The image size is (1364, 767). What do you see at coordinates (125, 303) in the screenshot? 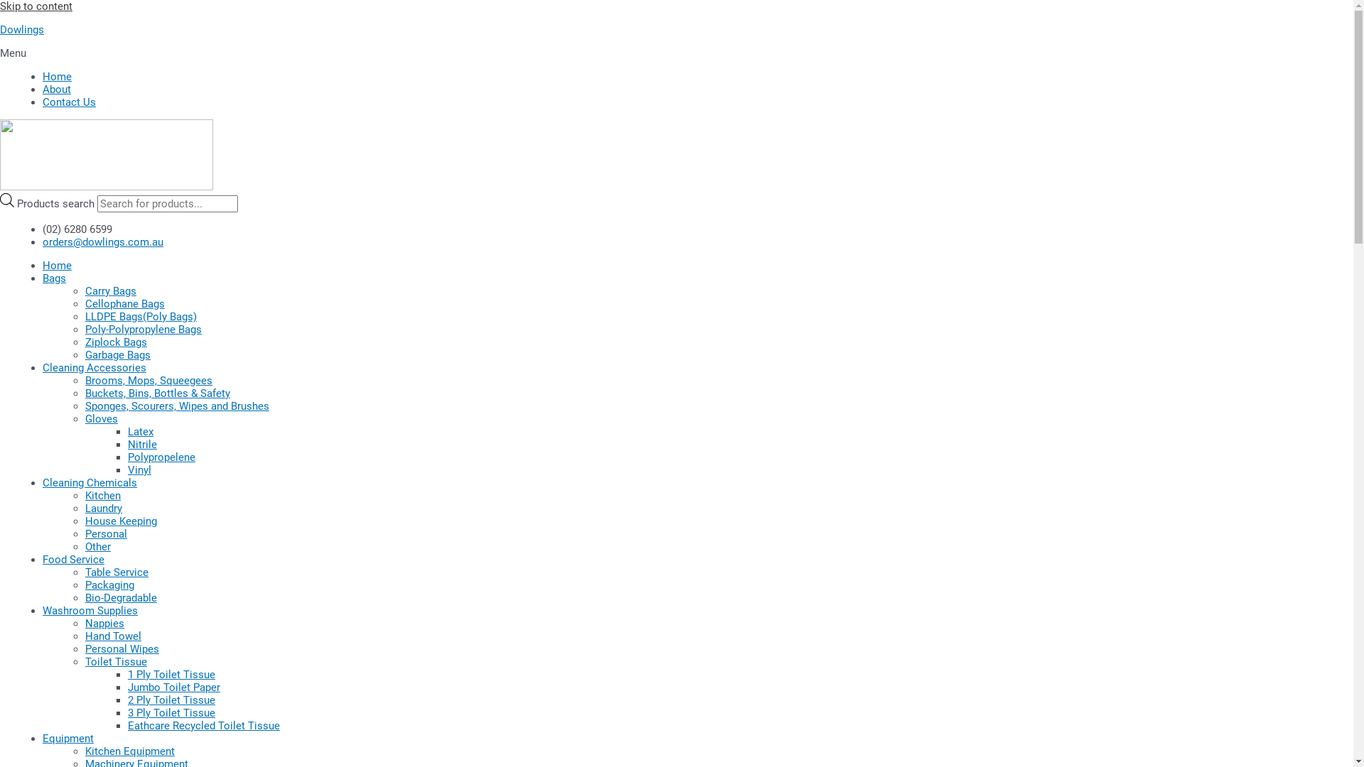
I see `'Cellophane Bags'` at bounding box center [125, 303].